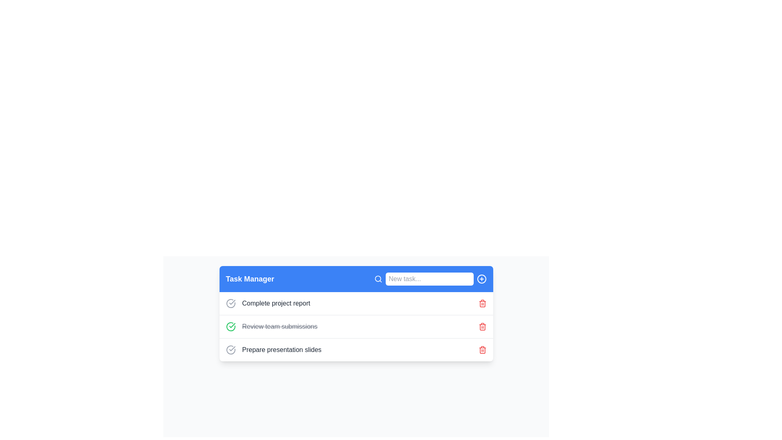 Image resolution: width=782 pixels, height=440 pixels. What do you see at coordinates (249, 279) in the screenshot?
I see `the title label of the task management section located in the blue header bar at the top-left corner of the application interface` at bounding box center [249, 279].